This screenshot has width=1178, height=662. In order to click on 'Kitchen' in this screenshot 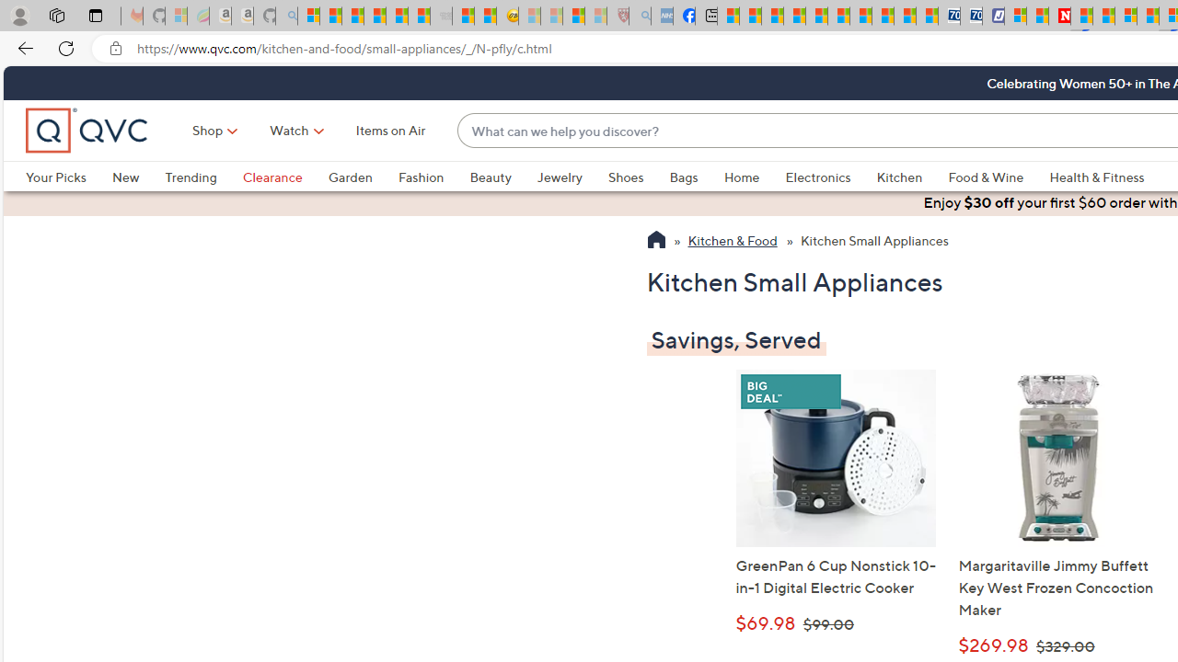, I will do `click(912, 177)`.